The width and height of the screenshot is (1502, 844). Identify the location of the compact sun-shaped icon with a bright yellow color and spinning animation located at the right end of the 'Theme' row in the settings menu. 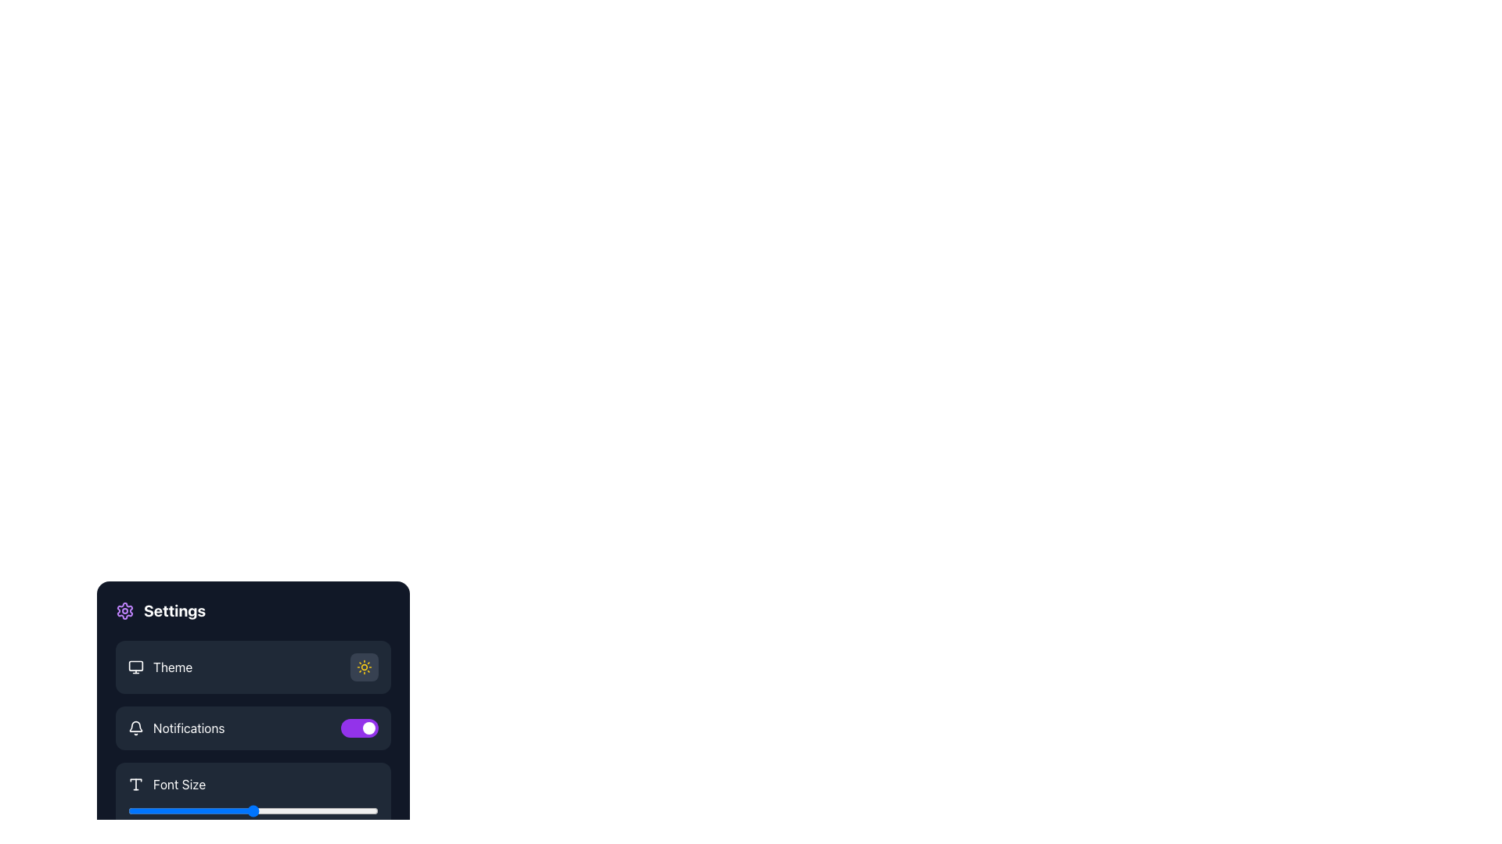
(363, 667).